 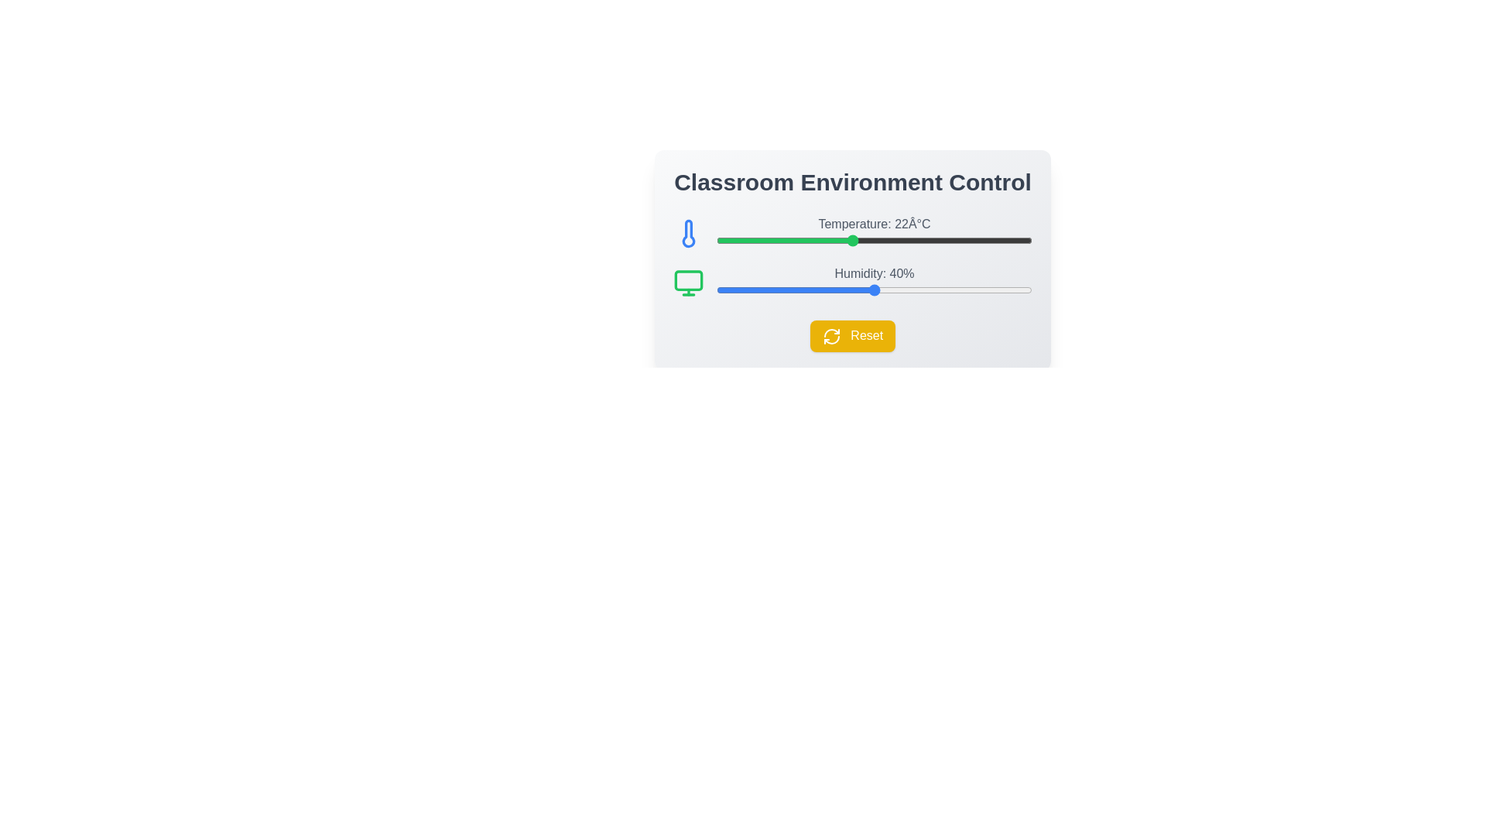 What do you see at coordinates (874, 290) in the screenshot?
I see `the humidity slider to set it to 40%` at bounding box center [874, 290].